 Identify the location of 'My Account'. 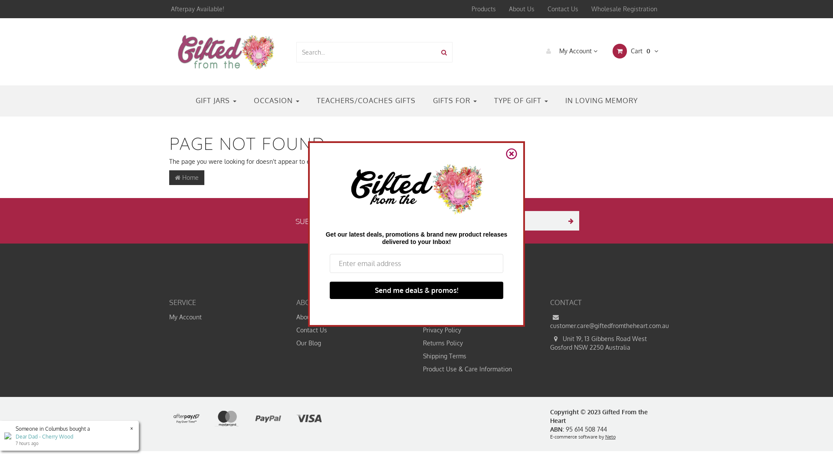
(568, 51).